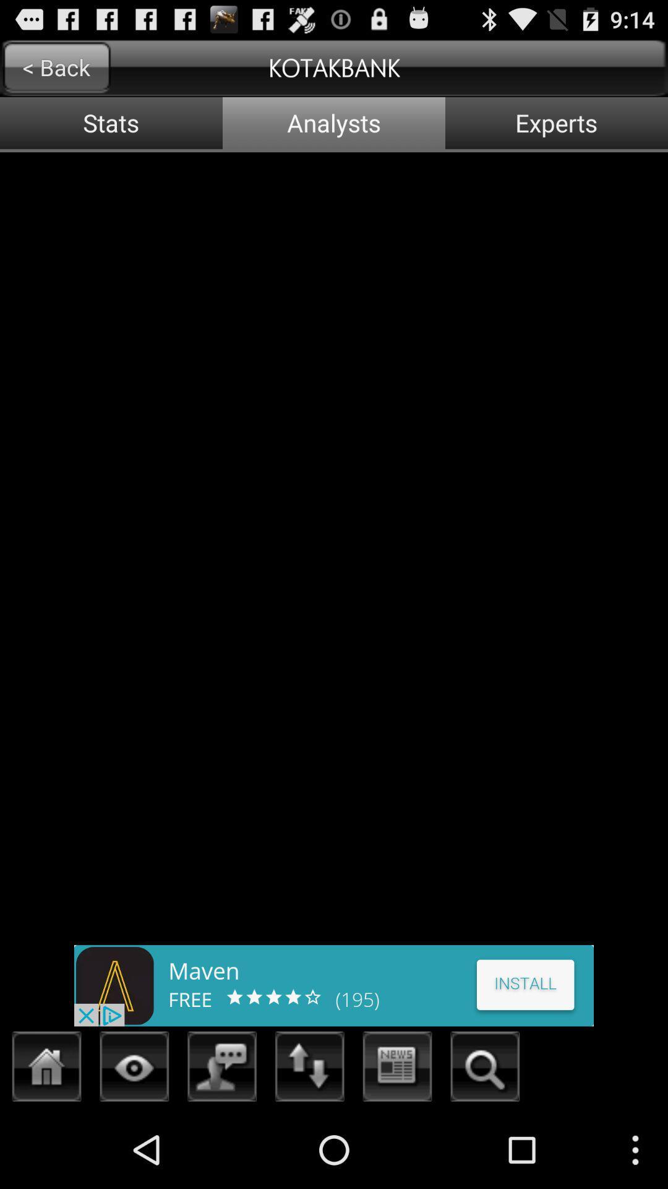  I want to click on the search icon, so click(484, 1144).